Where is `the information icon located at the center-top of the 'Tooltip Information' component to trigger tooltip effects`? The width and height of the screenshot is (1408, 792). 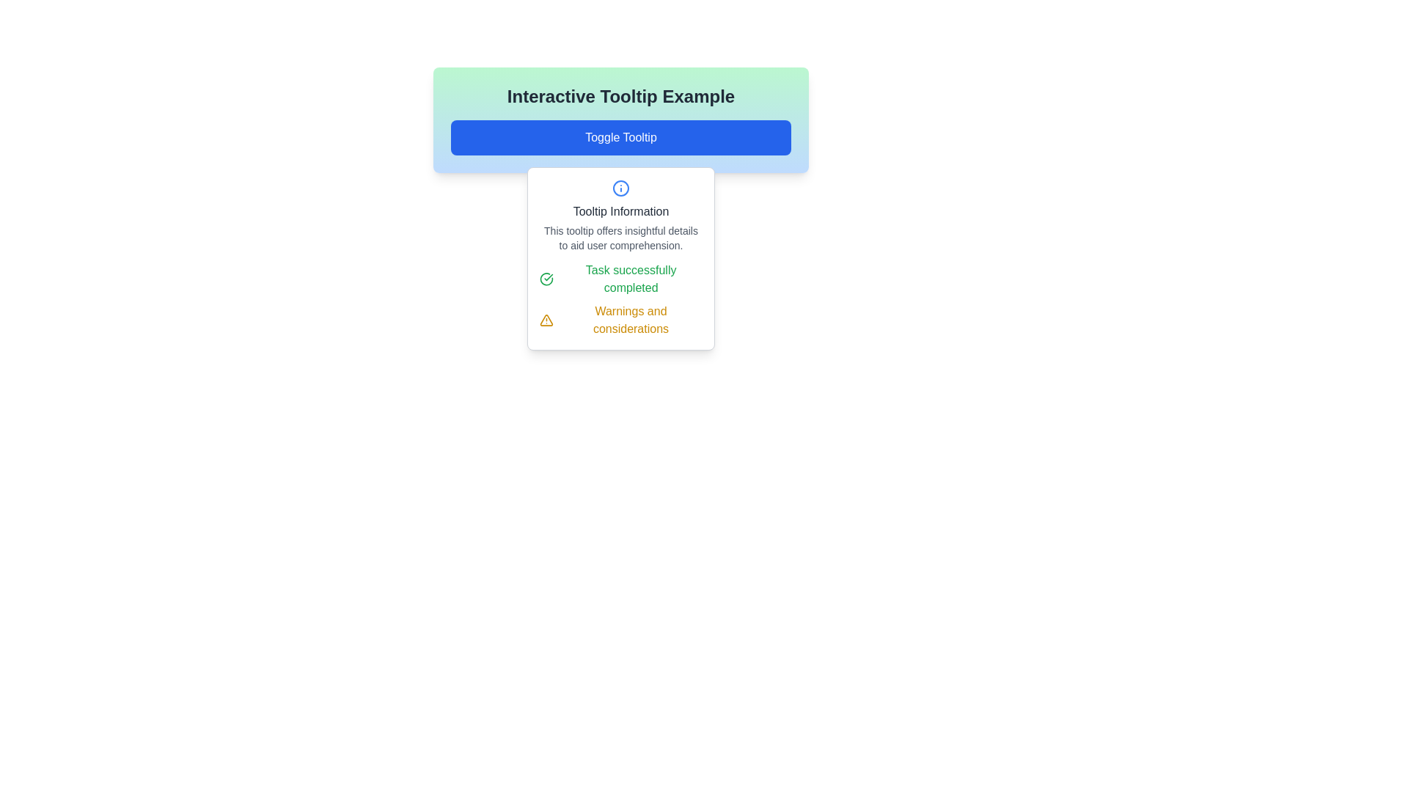
the information icon located at the center-top of the 'Tooltip Information' component to trigger tooltip effects is located at coordinates (620, 188).